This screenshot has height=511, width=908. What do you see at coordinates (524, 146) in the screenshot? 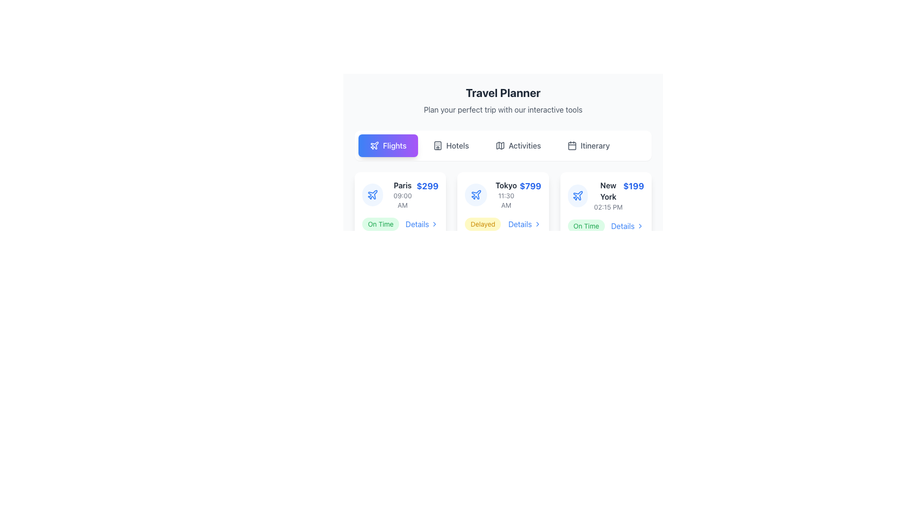
I see `the 'Activities' label in the horizontal menu bar, which is styled in a medium-weight font and is centrally aligned within the navigation menu` at bounding box center [524, 146].